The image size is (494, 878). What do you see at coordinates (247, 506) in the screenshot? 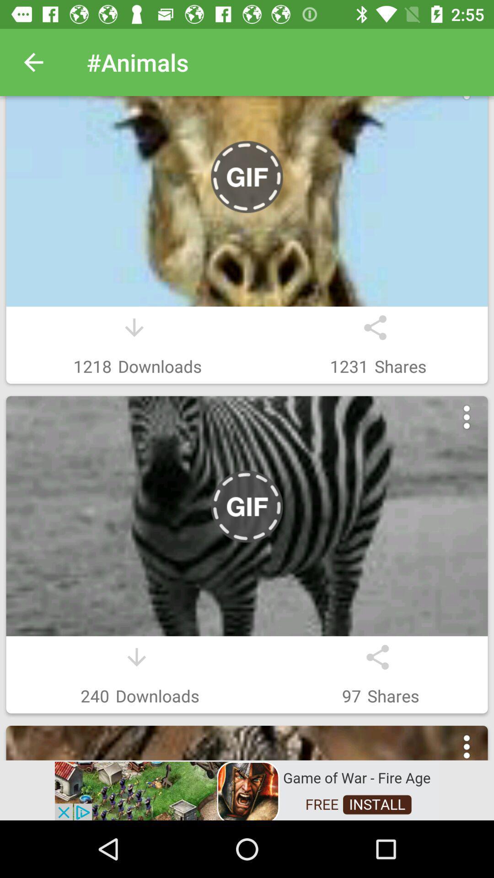
I see `gif icon which is on the picture of zibra` at bounding box center [247, 506].